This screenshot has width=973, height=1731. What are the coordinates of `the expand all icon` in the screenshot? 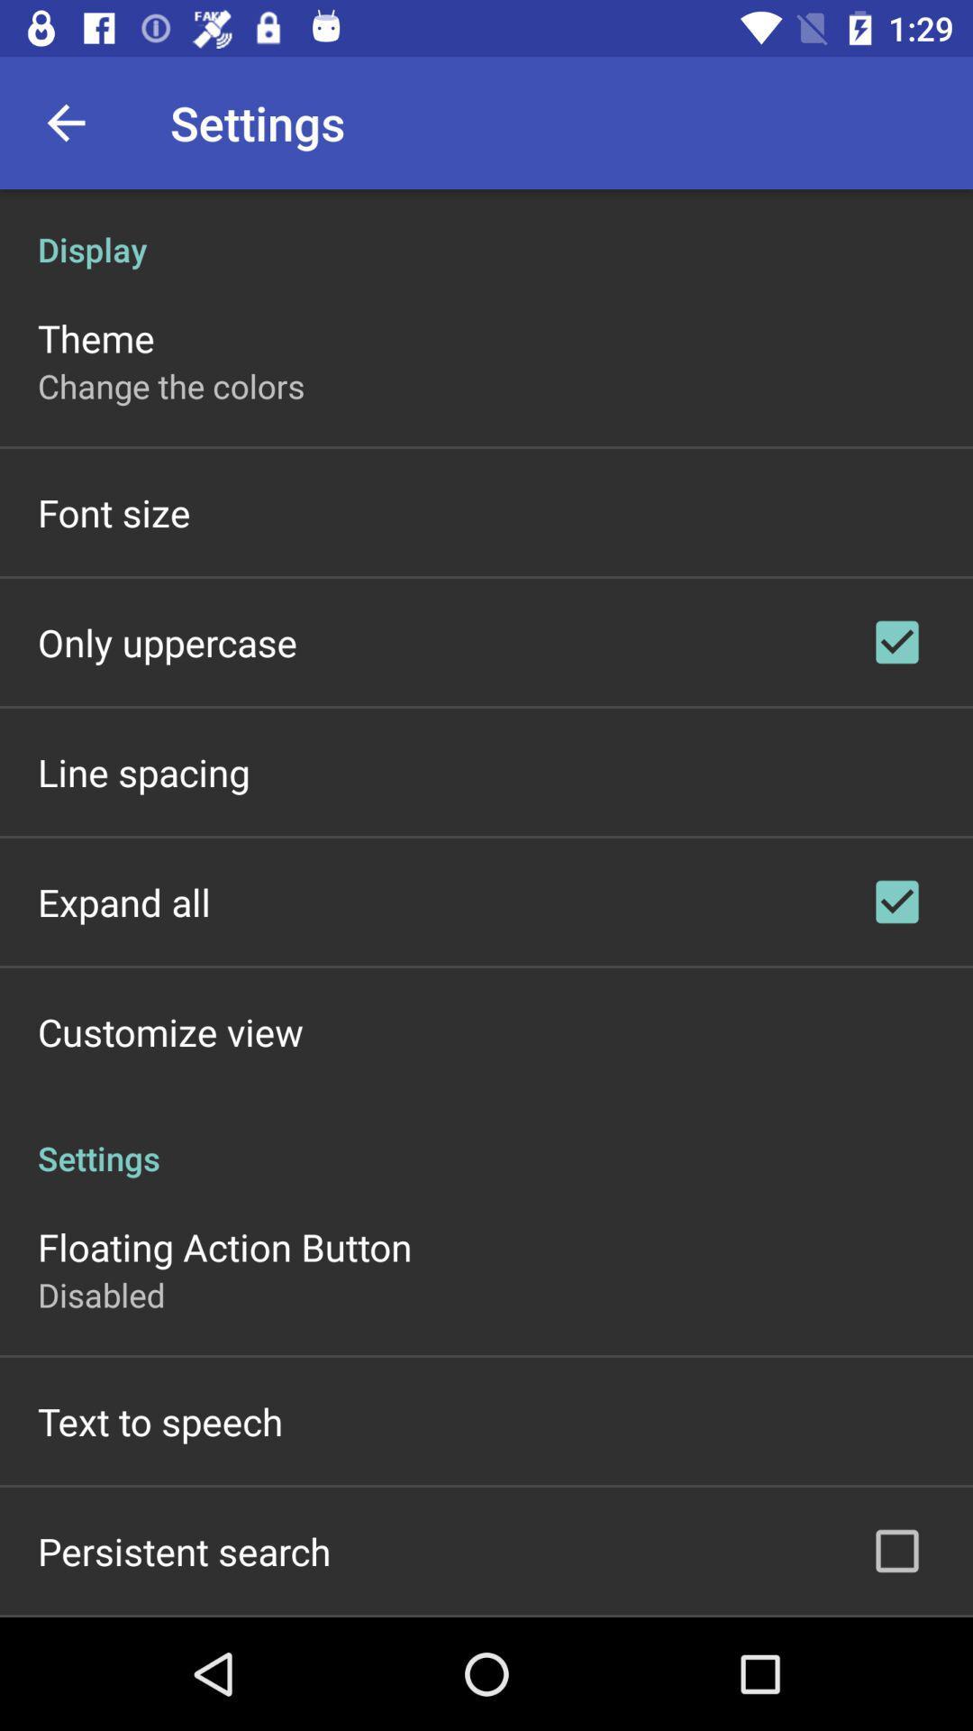 It's located at (123, 902).